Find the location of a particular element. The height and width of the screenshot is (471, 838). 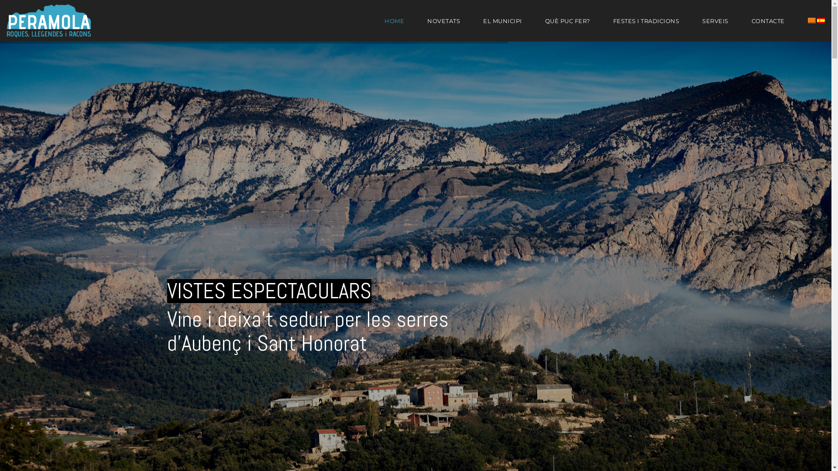

'EL MUNICIPI' is located at coordinates (502, 27).